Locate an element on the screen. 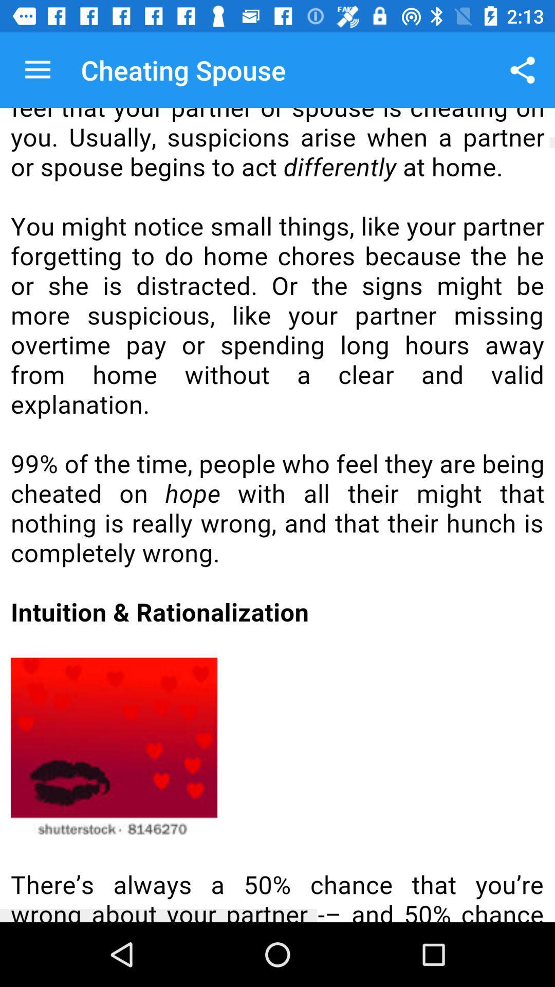 This screenshot has height=987, width=555. all selected content is located at coordinates (277, 515).